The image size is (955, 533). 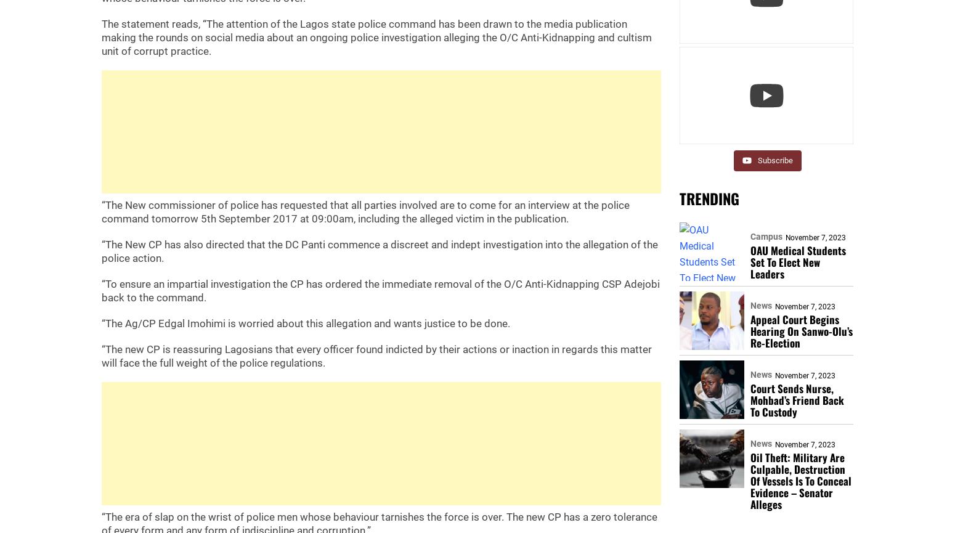 I want to click on '“The New CP has also directed that the DC Panti commence a discreet and indept investigation into the allegation of the police action.', so click(x=380, y=251).